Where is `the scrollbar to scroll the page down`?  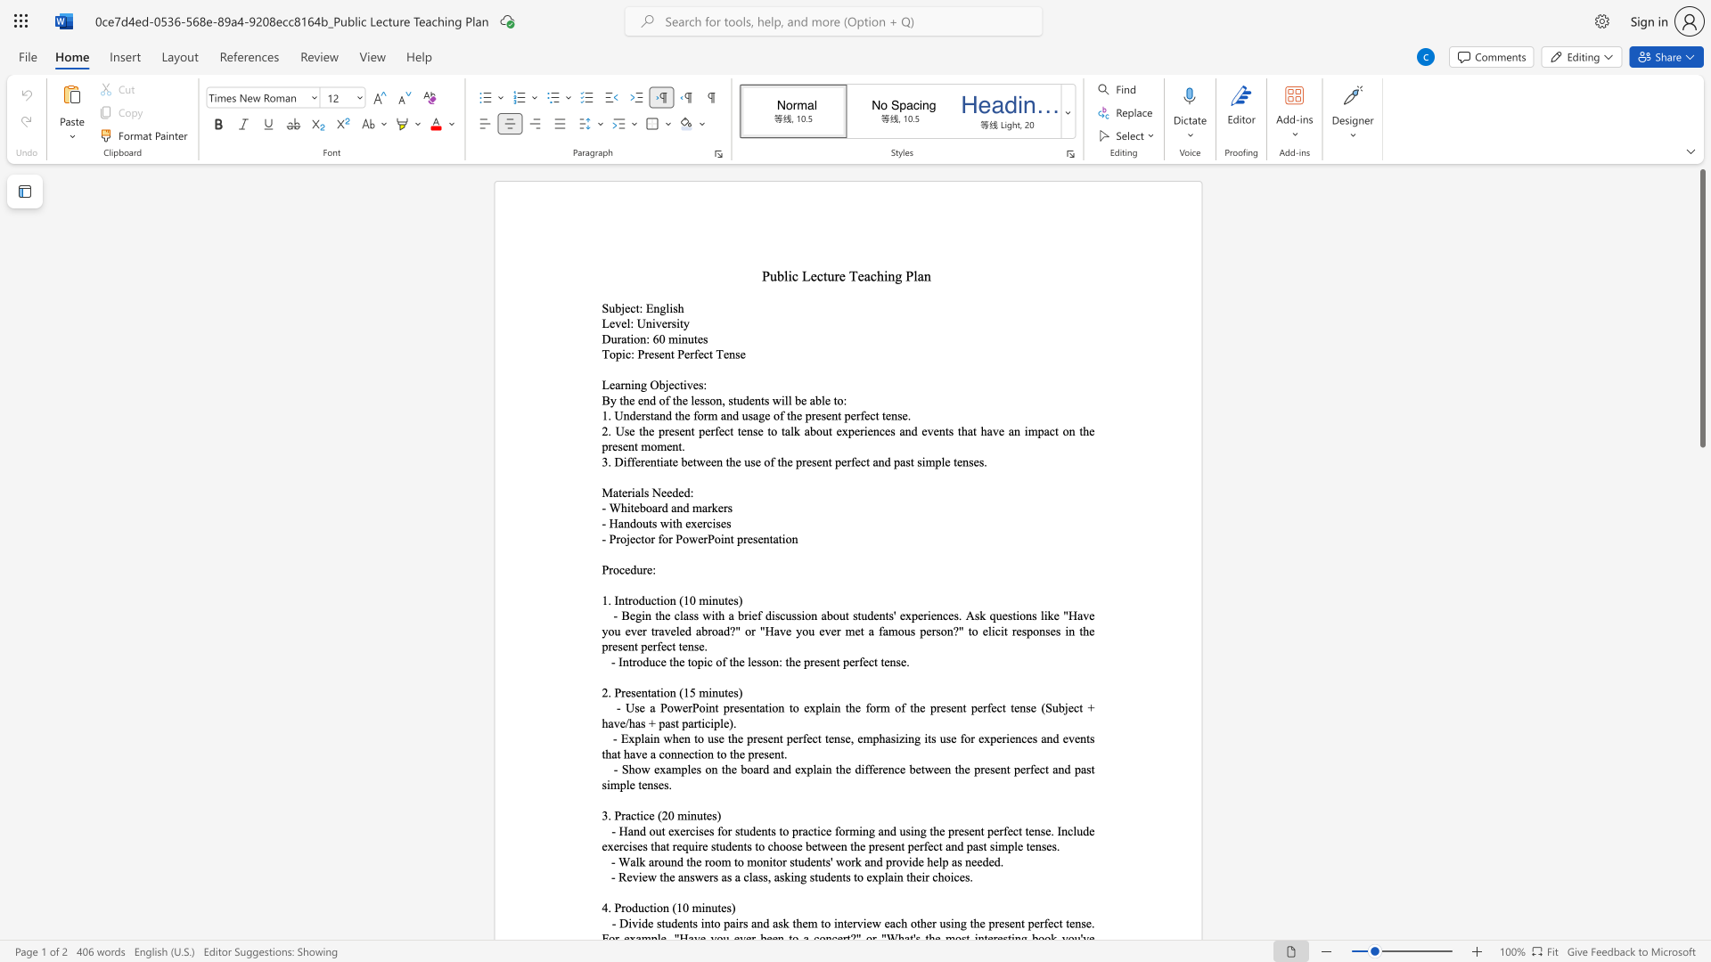
the scrollbar to scroll the page down is located at coordinates (1701, 800).